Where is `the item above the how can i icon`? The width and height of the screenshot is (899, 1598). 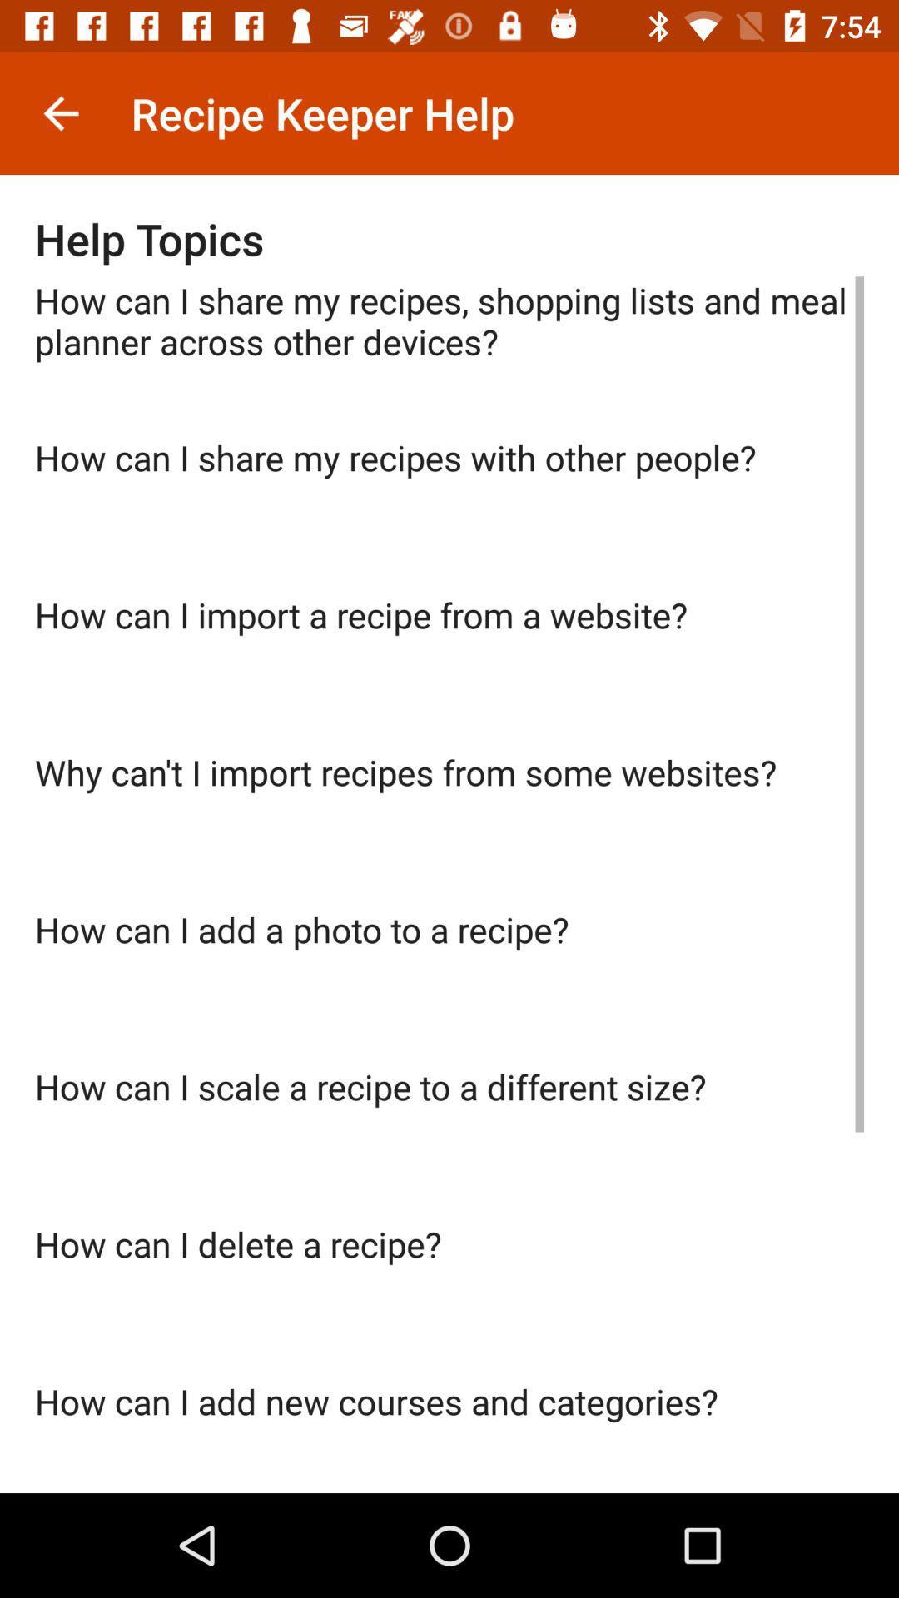
the item above the how can i icon is located at coordinates (449, 826).